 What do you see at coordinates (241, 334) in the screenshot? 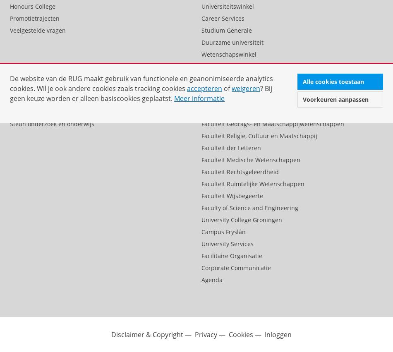
I see `'Cookies'` at bounding box center [241, 334].